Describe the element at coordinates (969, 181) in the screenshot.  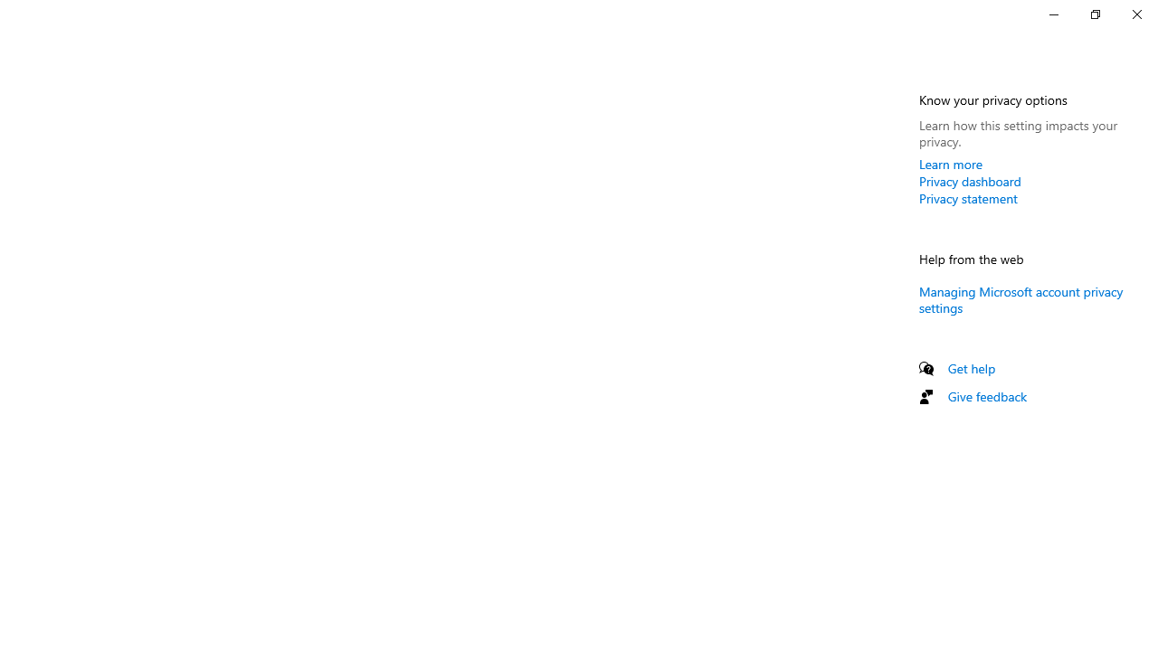
I see `'Privacy dashboard'` at that location.